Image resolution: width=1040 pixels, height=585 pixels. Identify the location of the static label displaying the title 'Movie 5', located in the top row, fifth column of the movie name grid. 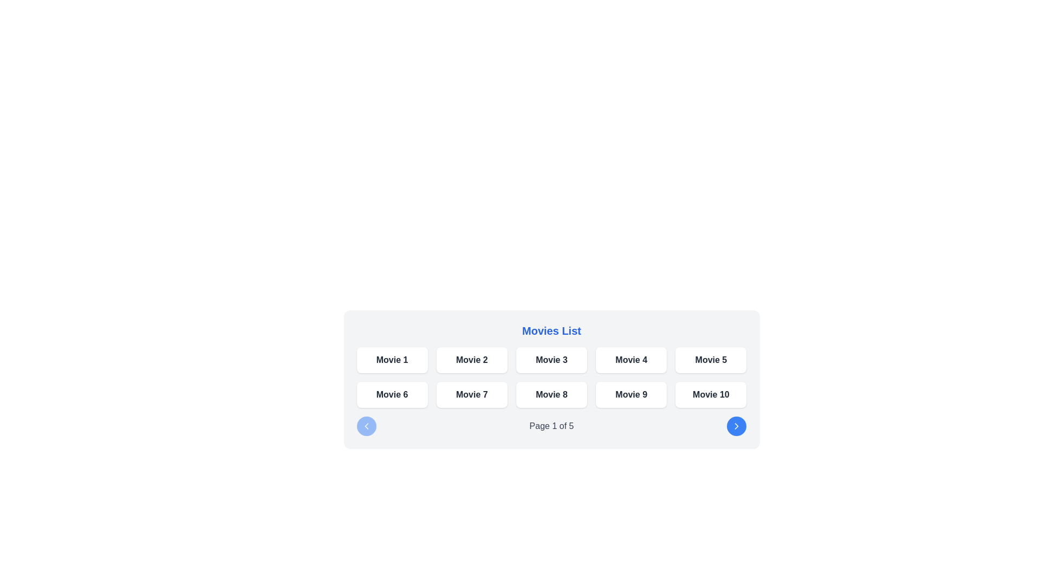
(711, 360).